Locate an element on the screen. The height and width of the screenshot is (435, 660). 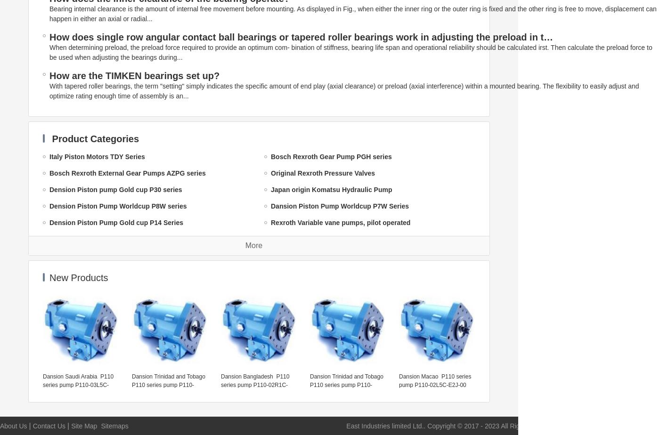
'Dansion  Piston Pump P110 series' is located at coordinates (102, 239).